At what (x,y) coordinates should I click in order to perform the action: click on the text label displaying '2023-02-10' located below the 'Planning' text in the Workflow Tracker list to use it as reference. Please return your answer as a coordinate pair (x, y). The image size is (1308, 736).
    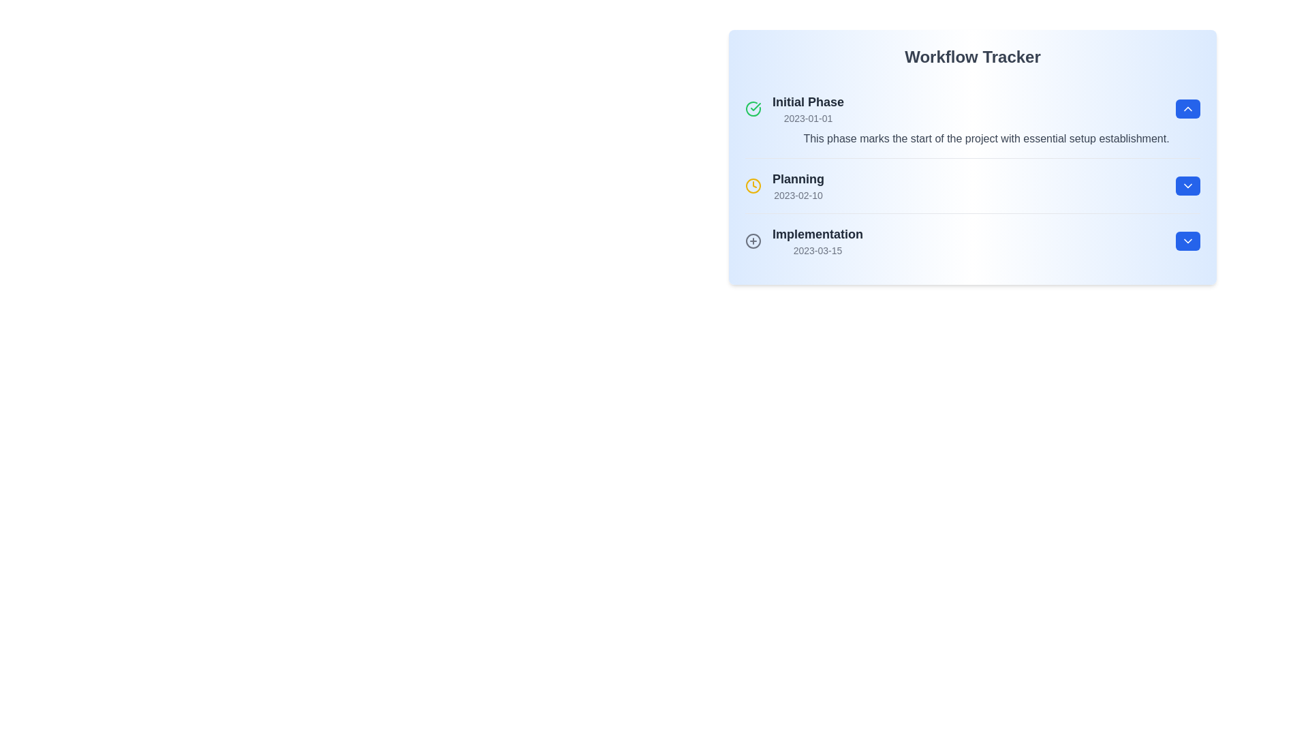
    Looking at the image, I should click on (798, 195).